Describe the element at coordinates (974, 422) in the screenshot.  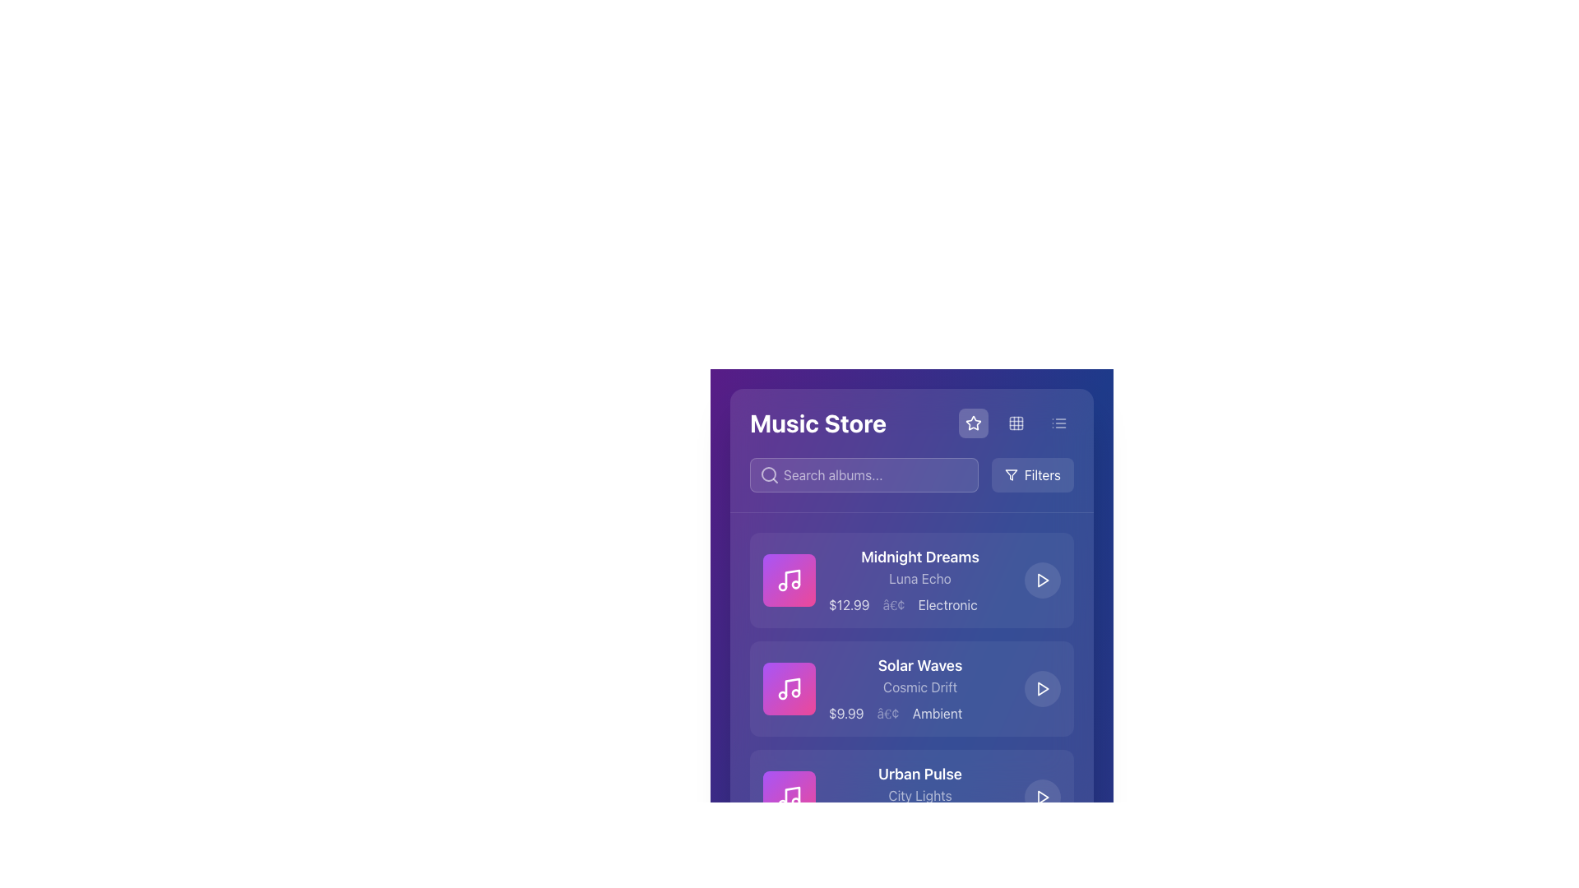
I see `the star-shaped icon with a hollow center located in the upper right section of the interface` at that location.